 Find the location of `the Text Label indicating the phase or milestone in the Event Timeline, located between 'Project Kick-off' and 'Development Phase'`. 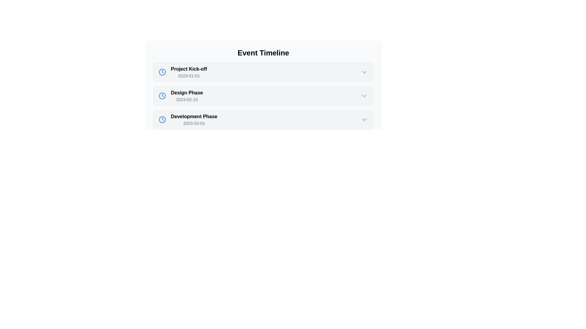

the Text Label indicating the phase or milestone in the Event Timeline, located between 'Project Kick-off' and 'Development Phase' is located at coordinates (186, 93).